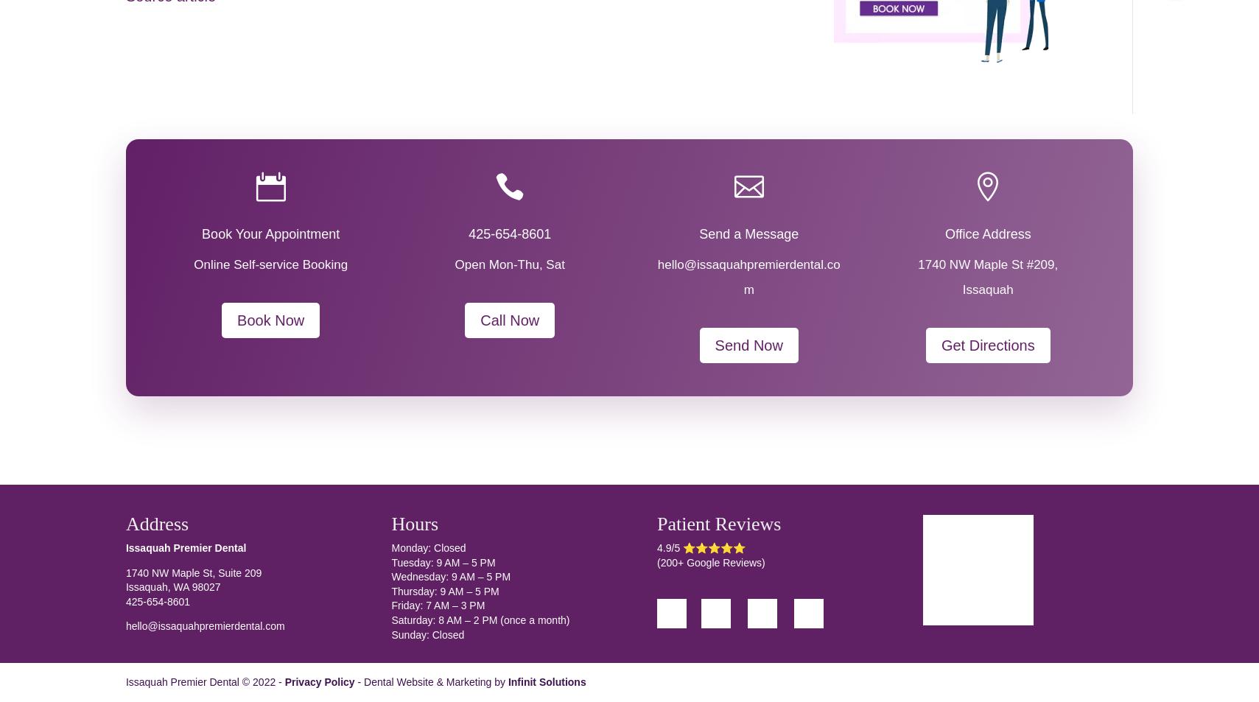  Describe the element at coordinates (508, 263) in the screenshot. I see `'Open Mon-Thu, Sat'` at that location.